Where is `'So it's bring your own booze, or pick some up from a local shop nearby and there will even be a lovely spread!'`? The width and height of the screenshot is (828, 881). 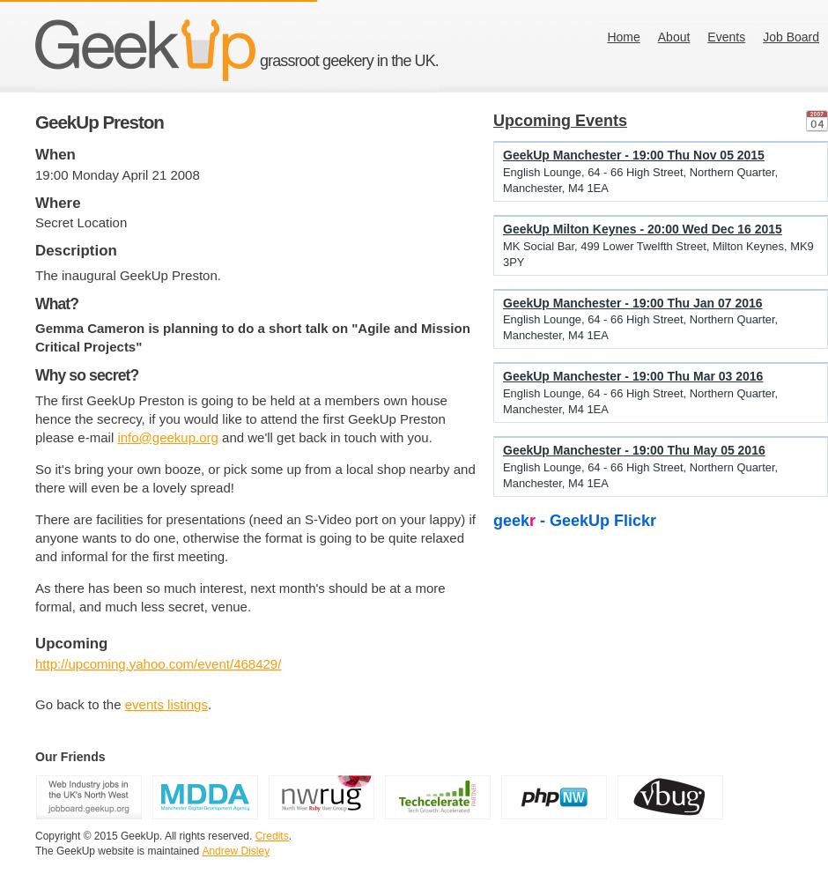
'So it's bring your own booze, or pick some up from a local shop nearby and there will even be a lovely spread!' is located at coordinates (254, 478).